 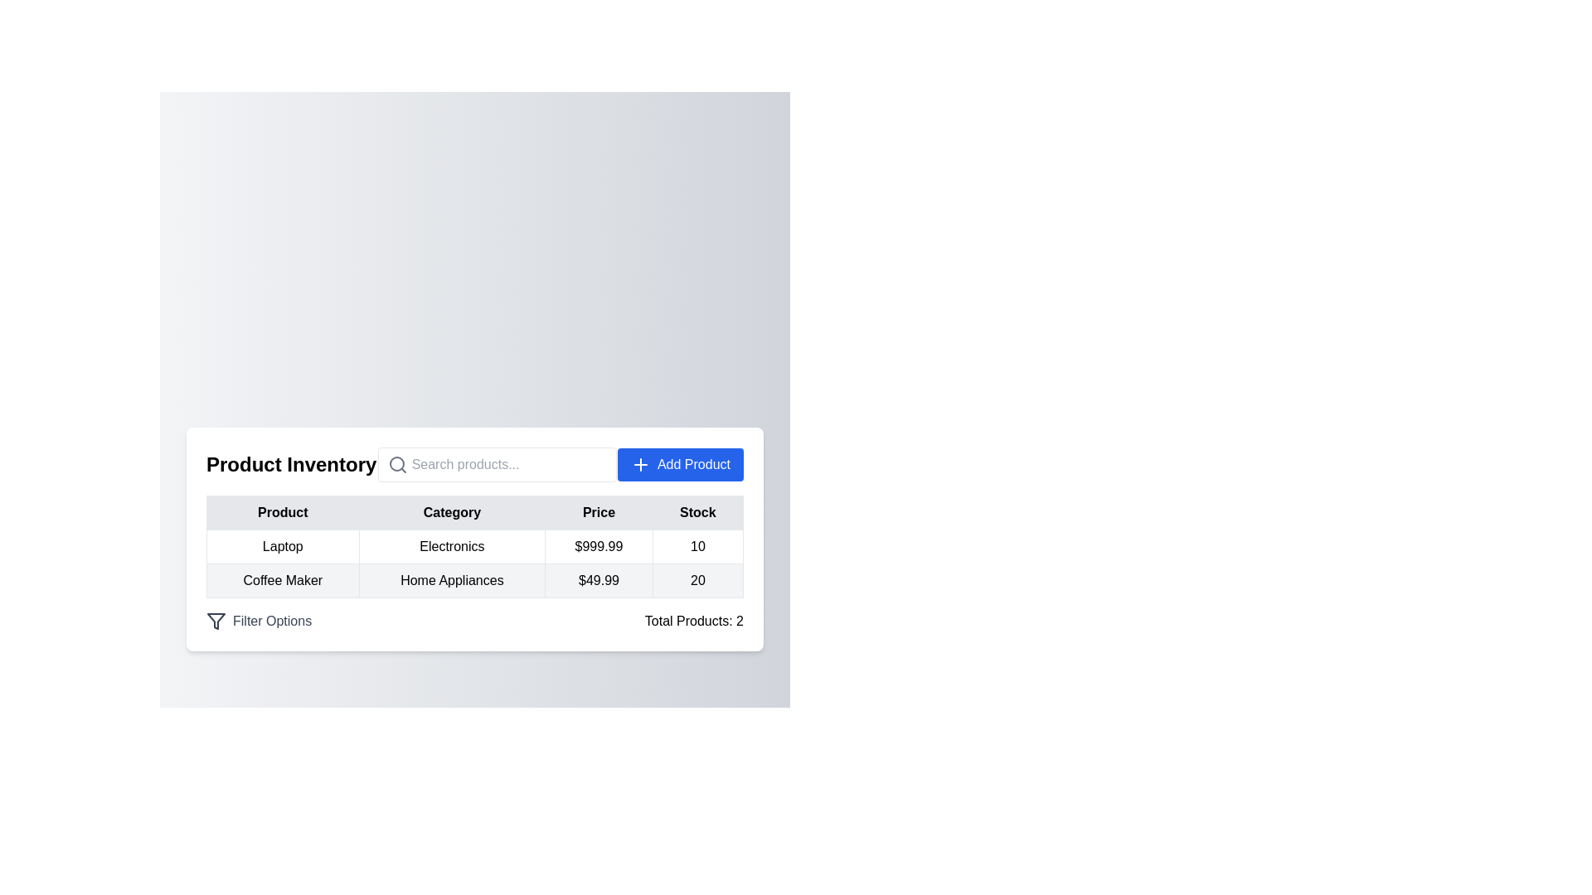 What do you see at coordinates (473, 539) in the screenshot?
I see `the table cell containing the text 'Electronics', which is located under the 'Category' header in the 'Product Inventory' table` at bounding box center [473, 539].